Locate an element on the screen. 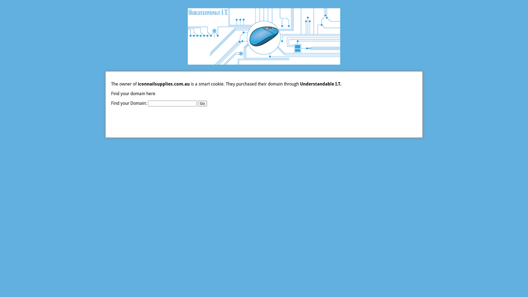 This screenshot has width=528, height=297. 'Understandable I.T.' is located at coordinates (299, 84).